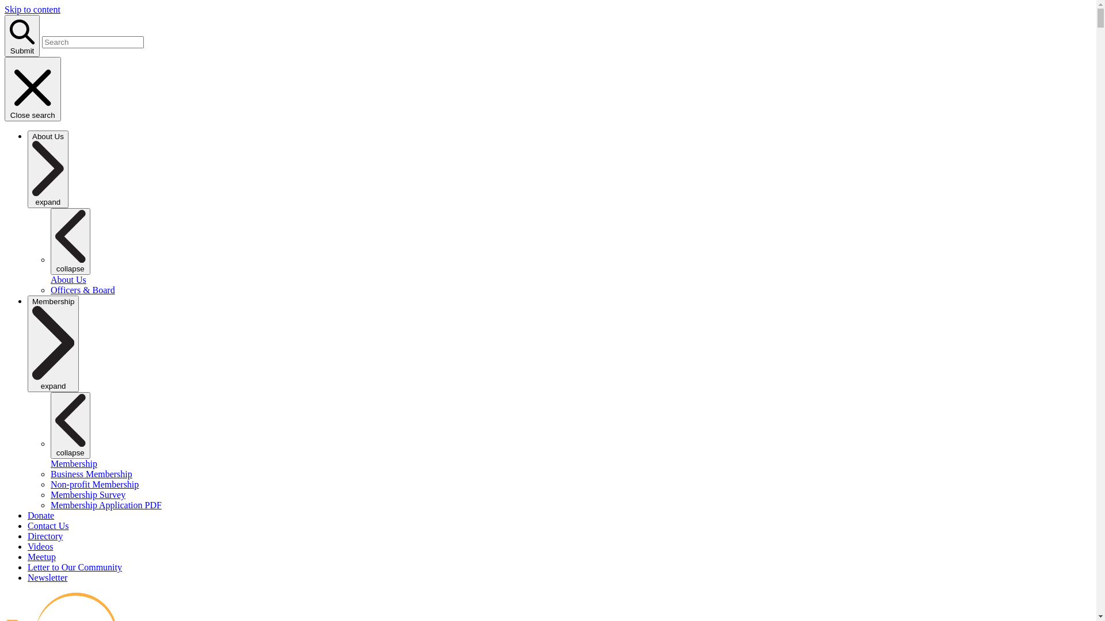  I want to click on 'About Us', so click(68, 279).